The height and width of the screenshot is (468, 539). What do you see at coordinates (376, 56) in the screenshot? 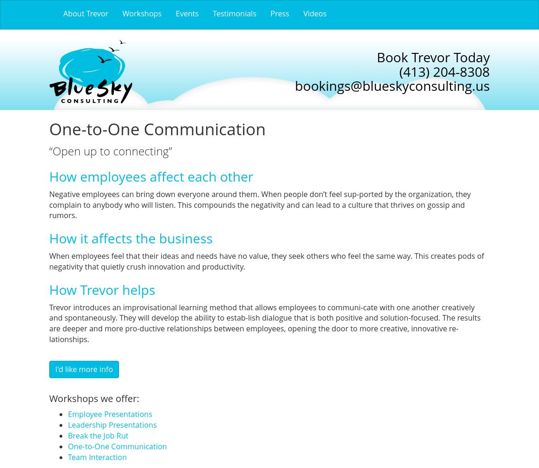
I see `'Book Trevor Today'` at bounding box center [376, 56].